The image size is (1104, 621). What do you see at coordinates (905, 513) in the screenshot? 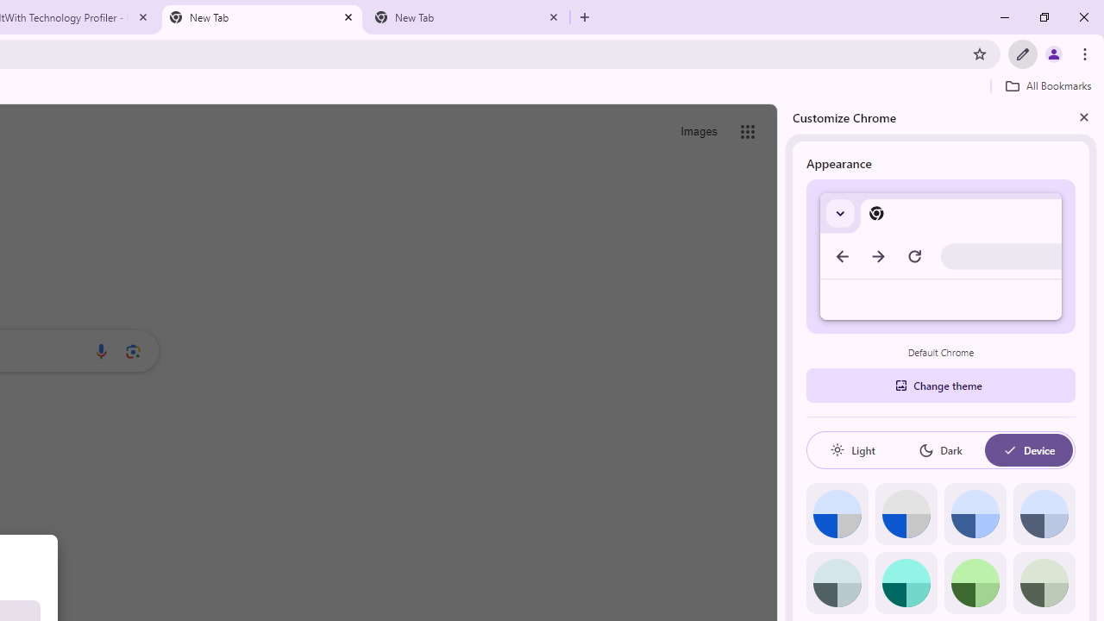
I see `'Grey default color'` at bounding box center [905, 513].